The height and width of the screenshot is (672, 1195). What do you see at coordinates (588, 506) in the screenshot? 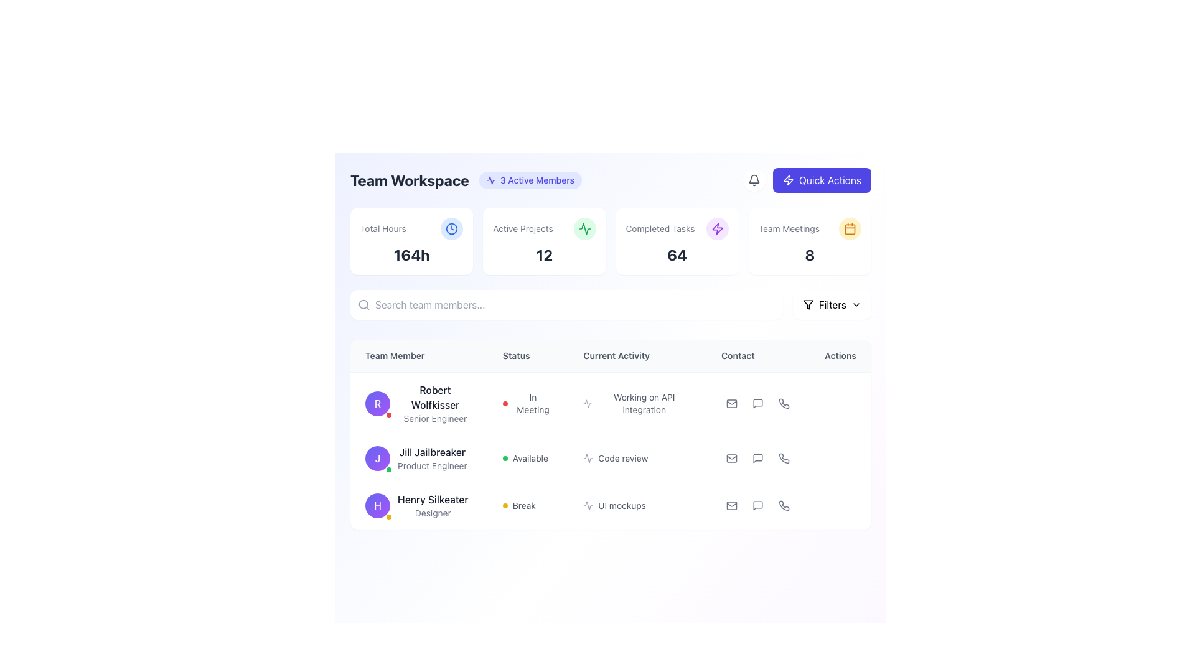
I see `the electrocardiogram icon representing current activity for the first team member in the 'Team Workspace' interface` at bounding box center [588, 506].